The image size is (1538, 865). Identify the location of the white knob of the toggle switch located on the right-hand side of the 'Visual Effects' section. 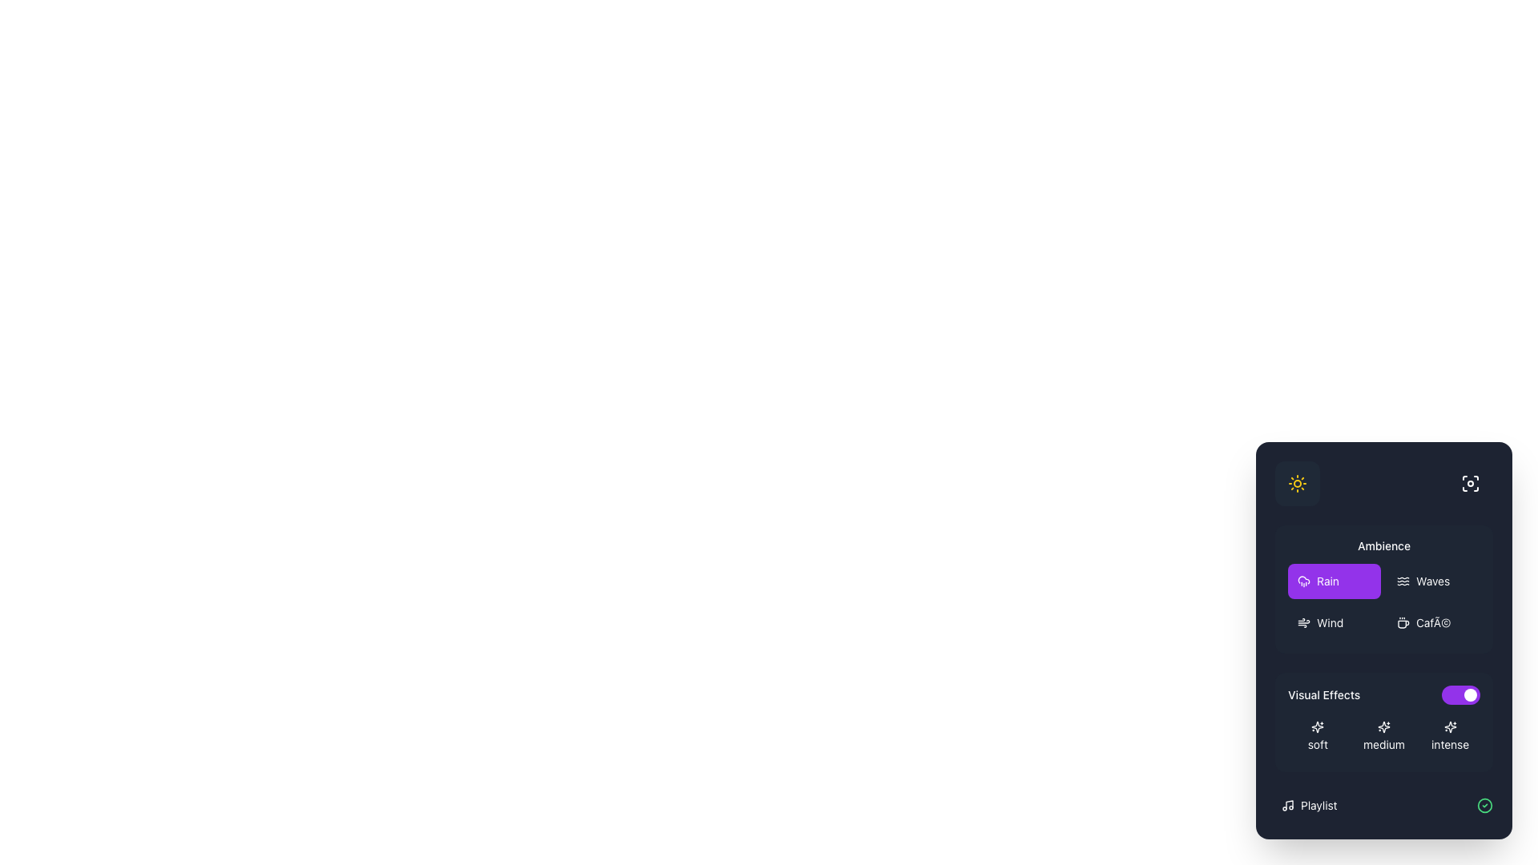
(1461, 694).